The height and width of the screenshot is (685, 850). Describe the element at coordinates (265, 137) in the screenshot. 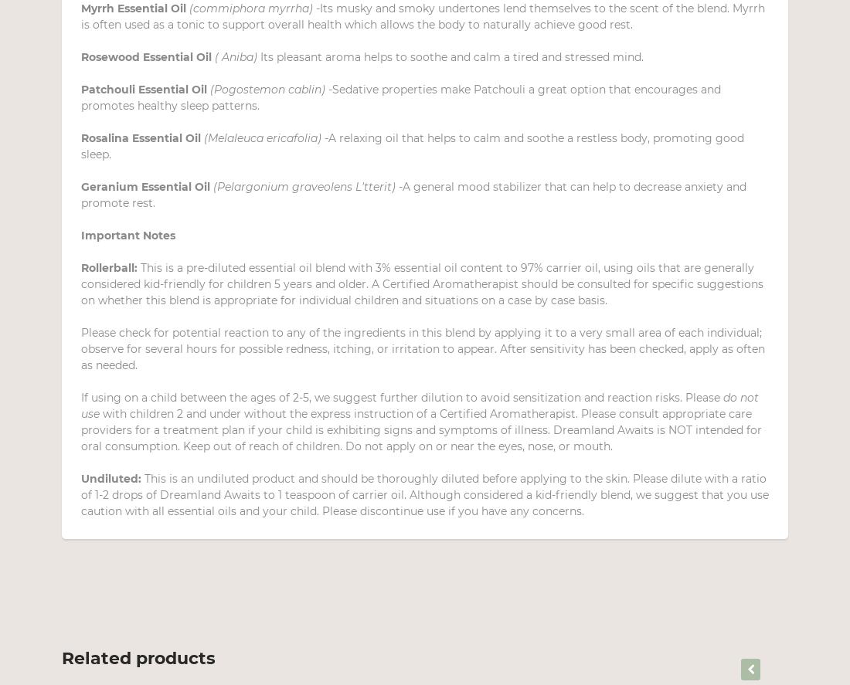

I see `'(Melaleuca ericafolia) -'` at that location.